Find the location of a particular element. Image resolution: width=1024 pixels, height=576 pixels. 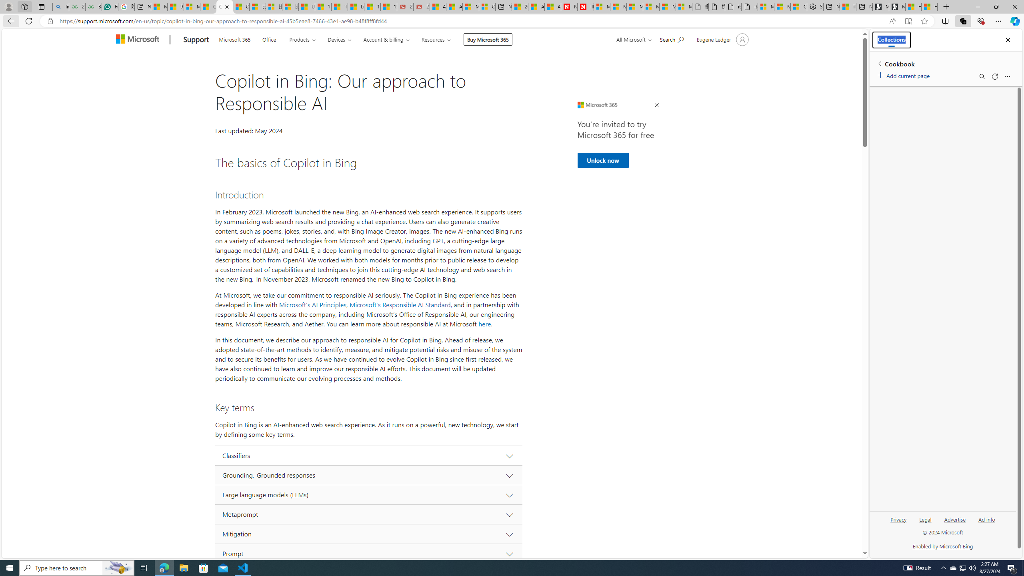

'Buy Microsoft 365' is located at coordinates (487, 39).